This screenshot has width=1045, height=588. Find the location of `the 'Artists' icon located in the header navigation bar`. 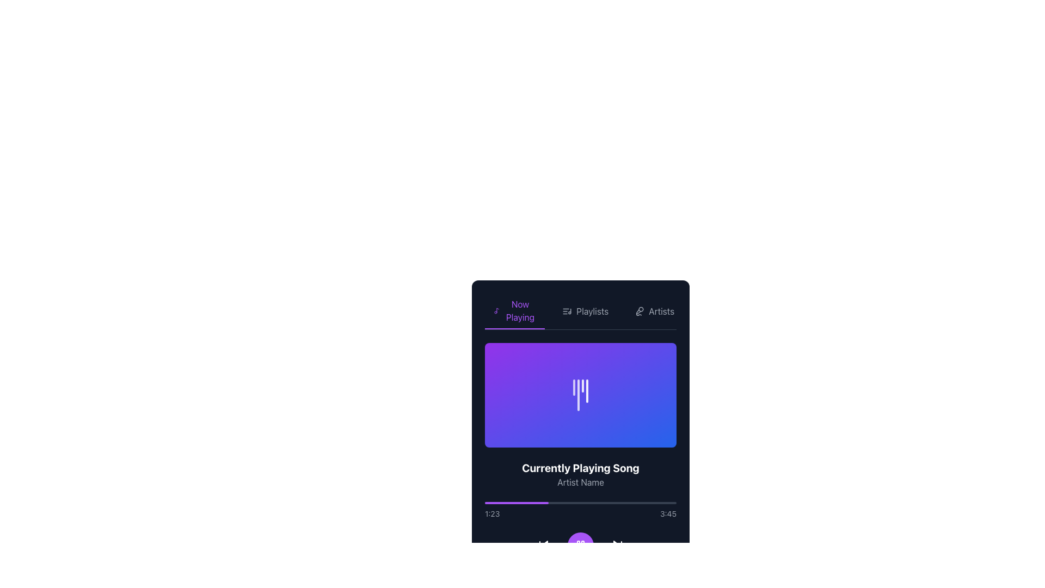

the 'Artists' icon located in the header navigation bar is located at coordinates (640, 311).